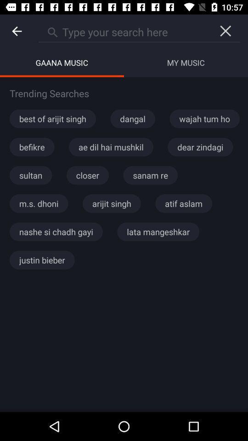  Describe the element at coordinates (124, 31) in the screenshot. I see `search option` at that location.